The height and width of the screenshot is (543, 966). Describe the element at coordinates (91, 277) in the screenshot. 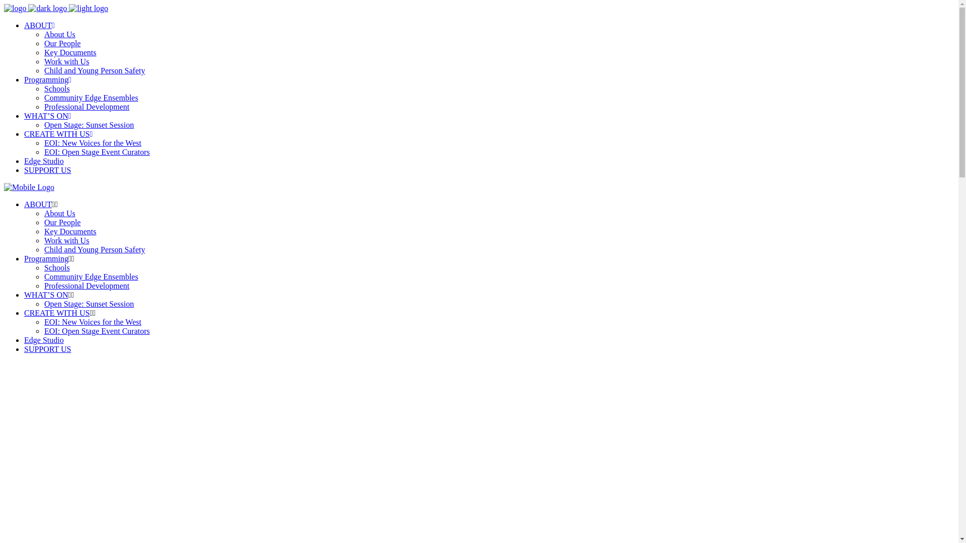

I see `'Community Edge Ensembles'` at that location.